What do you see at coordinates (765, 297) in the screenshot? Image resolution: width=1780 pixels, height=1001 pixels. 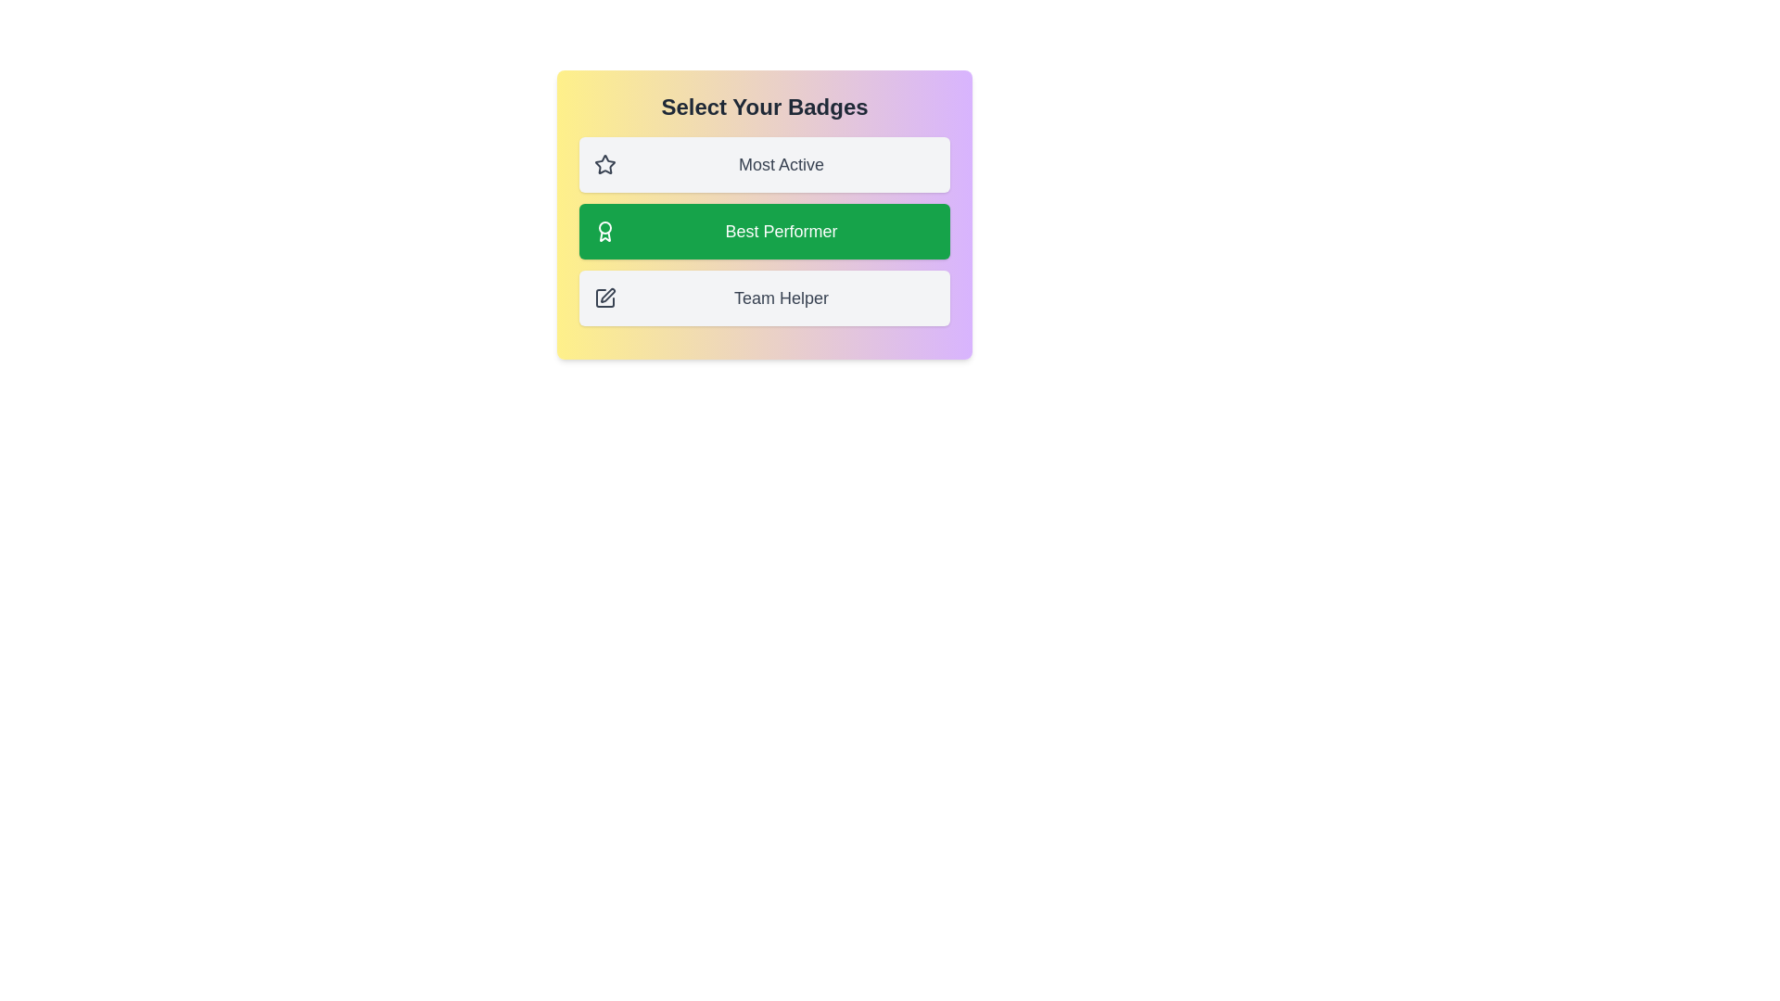 I see `the badge item Team Helper` at bounding box center [765, 297].